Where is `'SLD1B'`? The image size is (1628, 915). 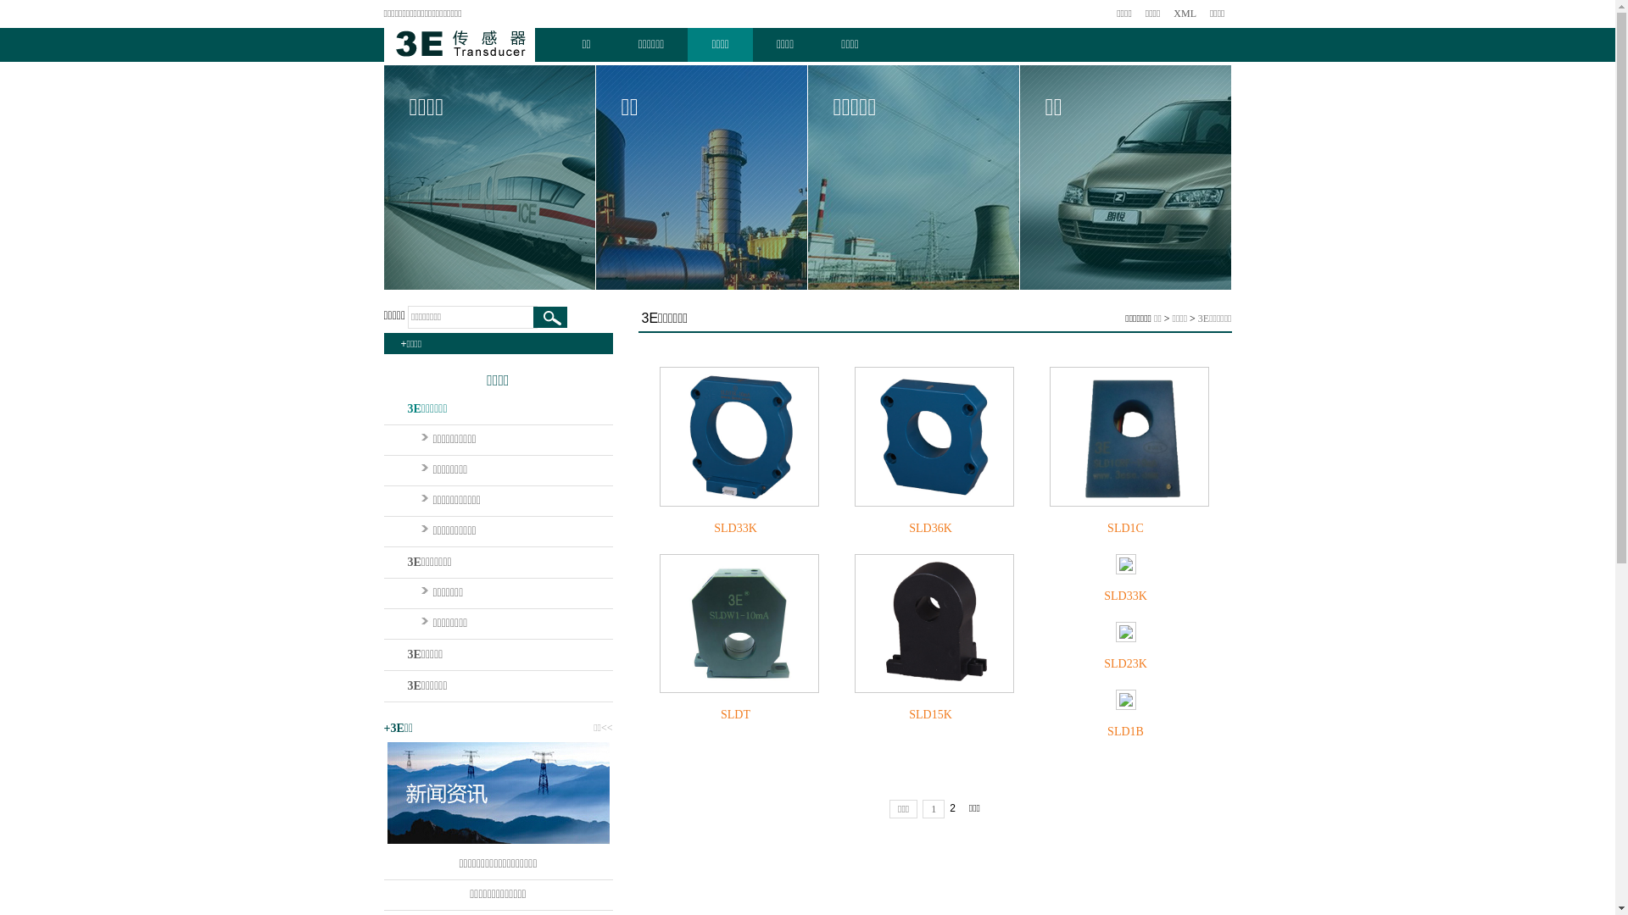
'SLD1B' is located at coordinates (1126, 702).